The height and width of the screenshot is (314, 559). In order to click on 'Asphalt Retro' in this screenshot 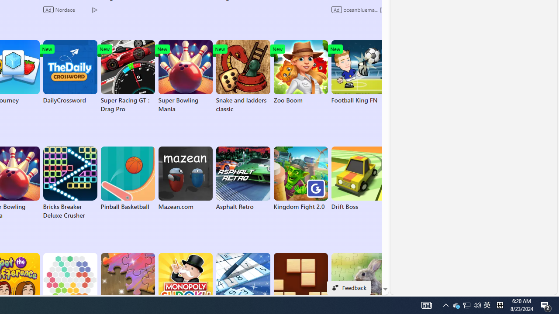, I will do `click(243, 178)`.